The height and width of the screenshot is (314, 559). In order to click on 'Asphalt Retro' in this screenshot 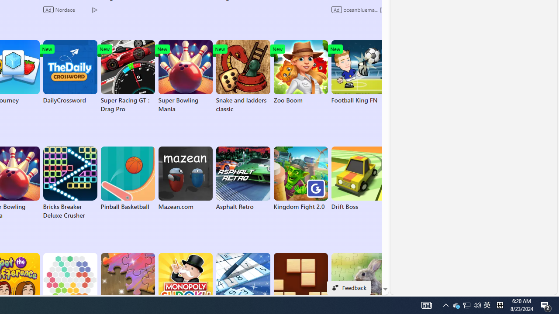, I will do `click(243, 178)`.